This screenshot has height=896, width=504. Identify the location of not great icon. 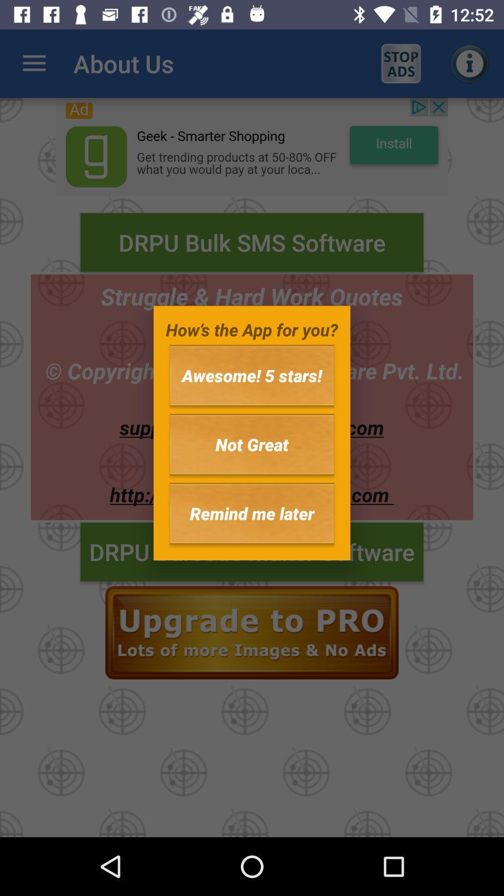
(252, 444).